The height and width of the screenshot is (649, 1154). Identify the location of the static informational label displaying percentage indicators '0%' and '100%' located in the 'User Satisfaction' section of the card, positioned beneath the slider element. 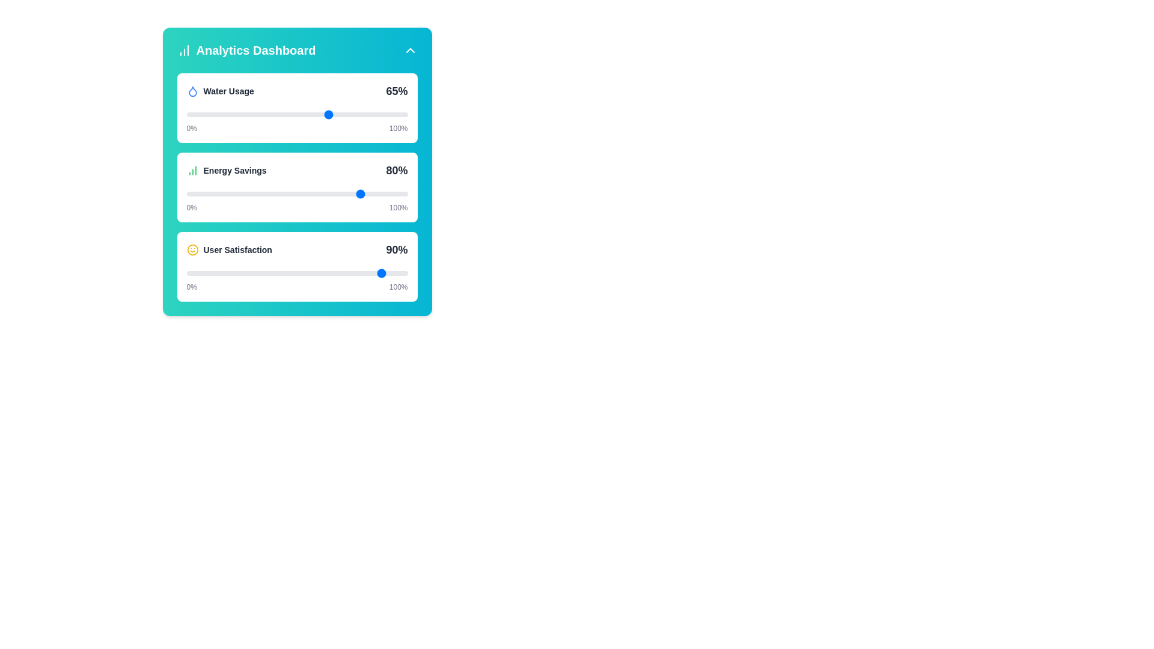
(297, 287).